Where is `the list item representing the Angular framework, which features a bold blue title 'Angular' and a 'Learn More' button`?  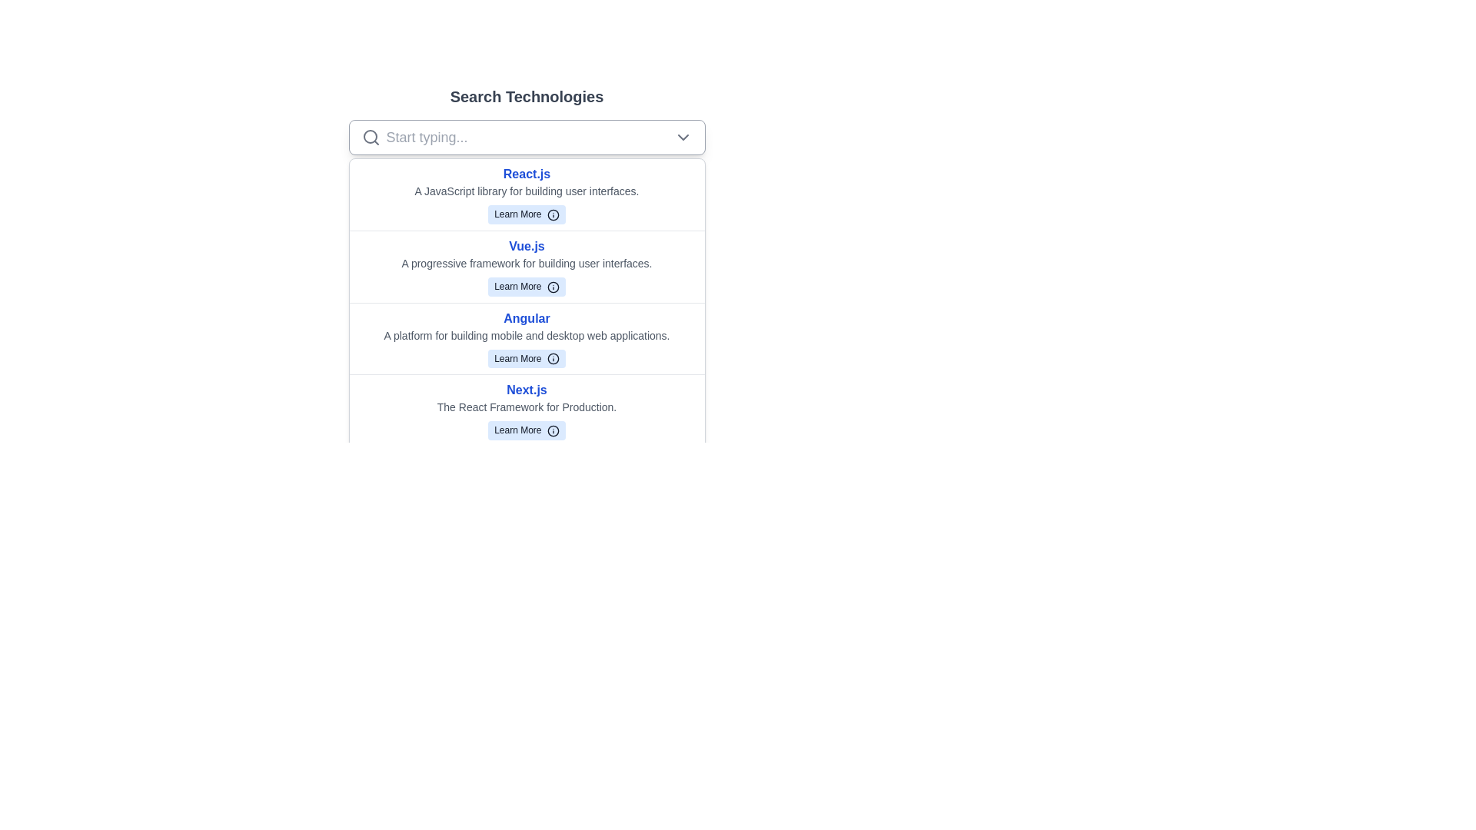
the list item representing the Angular framework, which features a bold blue title 'Angular' and a 'Learn More' button is located at coordinates (527, 338).